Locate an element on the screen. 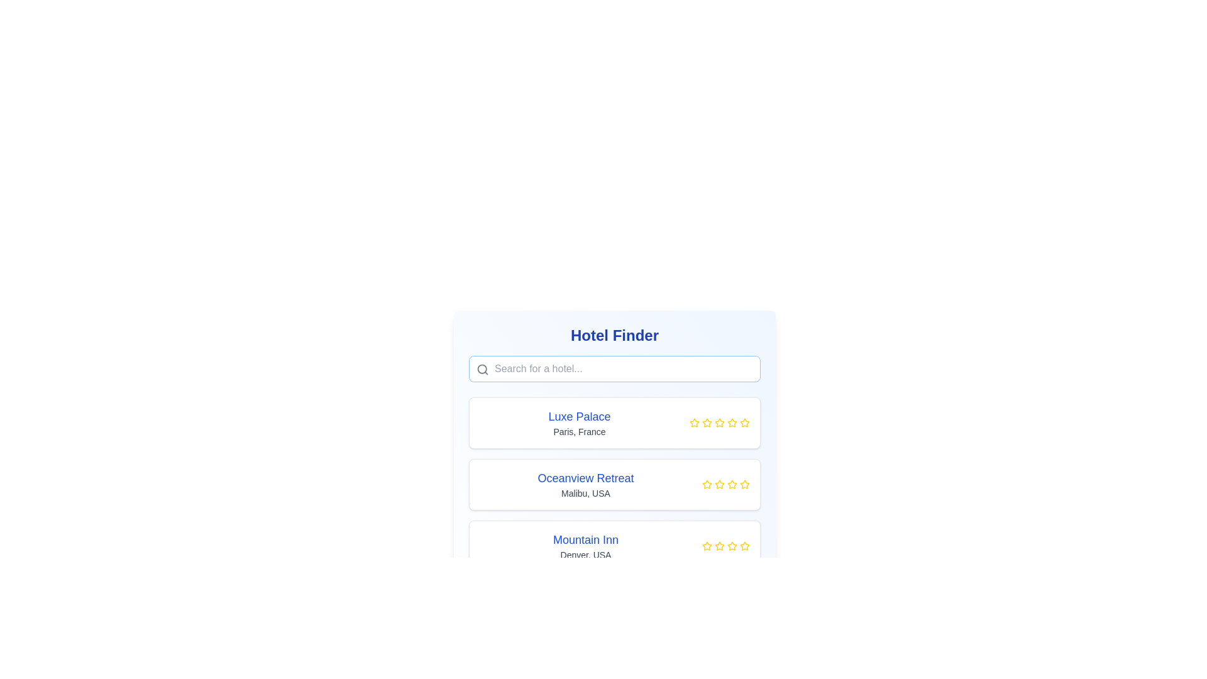 This screenshot has width=1207, height=679. the first star-shaped rating icon with a yellow outline associated with the 'Mountain Inn' listing, which is the third hotel entry on the page is located at coordinates (707, 545).